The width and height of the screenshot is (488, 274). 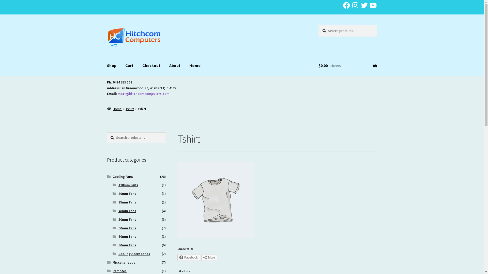 What do you see at coordinates (143, 94) in the screenshot?
I see `'matt@hitchcomcomputers.com'` at bounding box center [143, 94].